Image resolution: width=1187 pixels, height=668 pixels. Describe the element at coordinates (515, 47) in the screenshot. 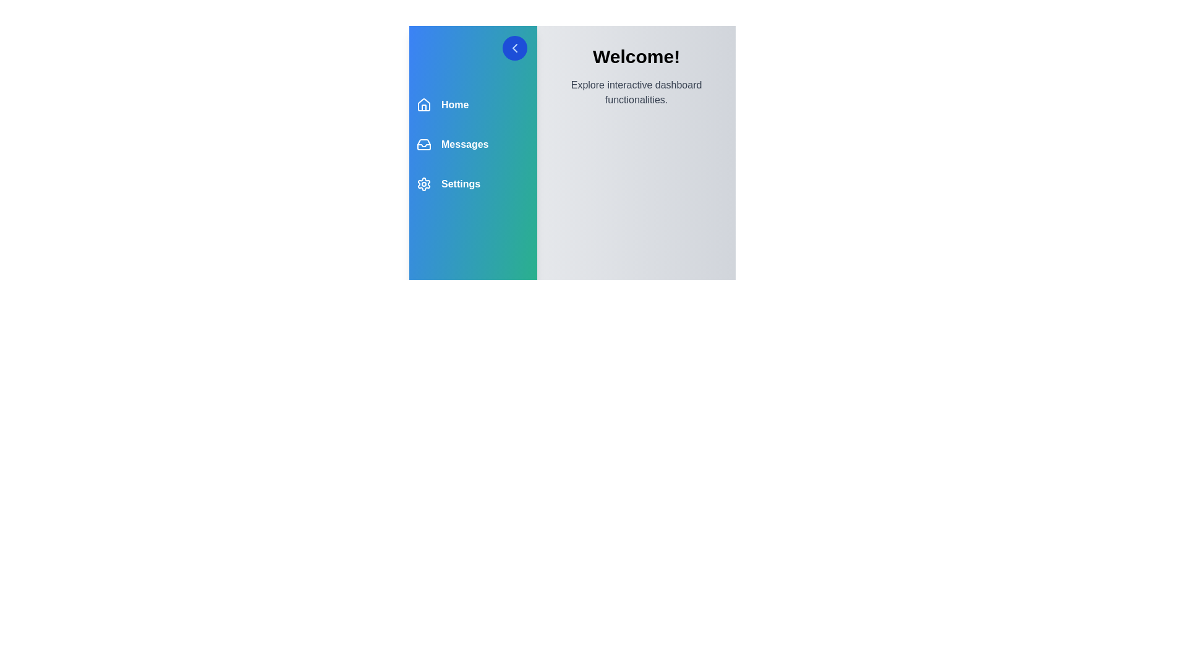

I see `the circular button with a blue background and a white leftward chevron icon located at the top-right corner of the left sidebar panel` at that location.